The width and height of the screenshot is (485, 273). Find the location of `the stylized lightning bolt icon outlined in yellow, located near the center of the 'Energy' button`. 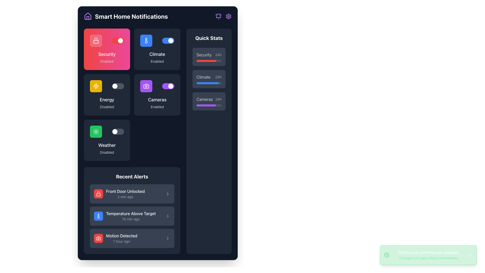

the stylized lightning bolt icon outlined in yellow, located near the center of the 'Energy' button is located at coordinates (96, 86).